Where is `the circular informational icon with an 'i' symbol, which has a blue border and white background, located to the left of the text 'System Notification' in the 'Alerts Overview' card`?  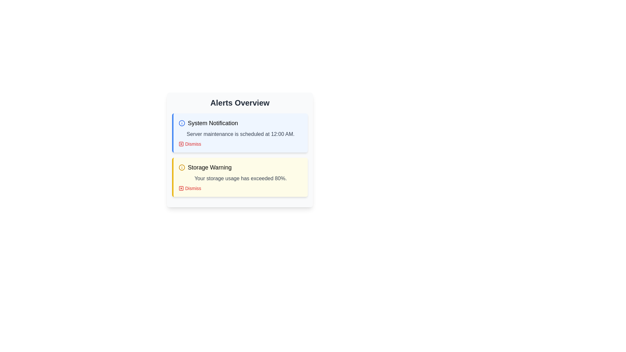
the circular informational icon with an 'i' symbol, which has a blue border and white background, located to the left of the text 'System Notification' in the 'Alerts Overview' card is located at coordinates (182, 123).